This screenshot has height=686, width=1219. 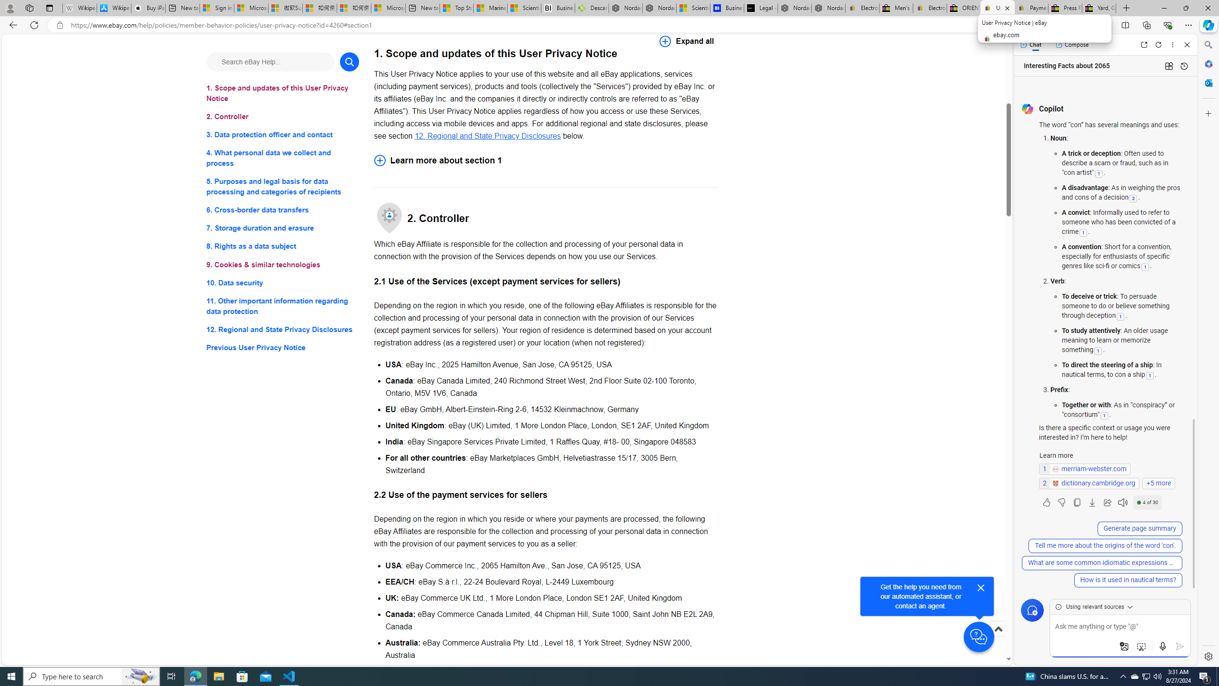 What do you see at coordinates (282, 282) in the screenshot?
I see `'10. Data security'` at bounding box center [282, 282].